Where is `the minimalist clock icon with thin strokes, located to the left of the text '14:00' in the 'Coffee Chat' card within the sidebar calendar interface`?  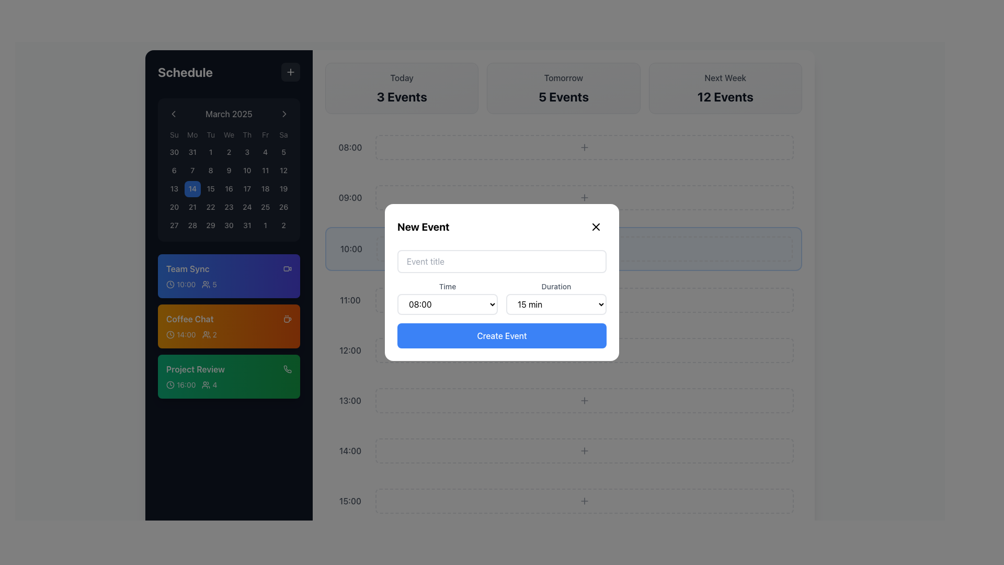
the minimalist clock icon with thin strokes, located to the left of the text '14:00' in the 'Coffee Chat' card within the sidebar calendar interface is located at coordinates (170, 335).